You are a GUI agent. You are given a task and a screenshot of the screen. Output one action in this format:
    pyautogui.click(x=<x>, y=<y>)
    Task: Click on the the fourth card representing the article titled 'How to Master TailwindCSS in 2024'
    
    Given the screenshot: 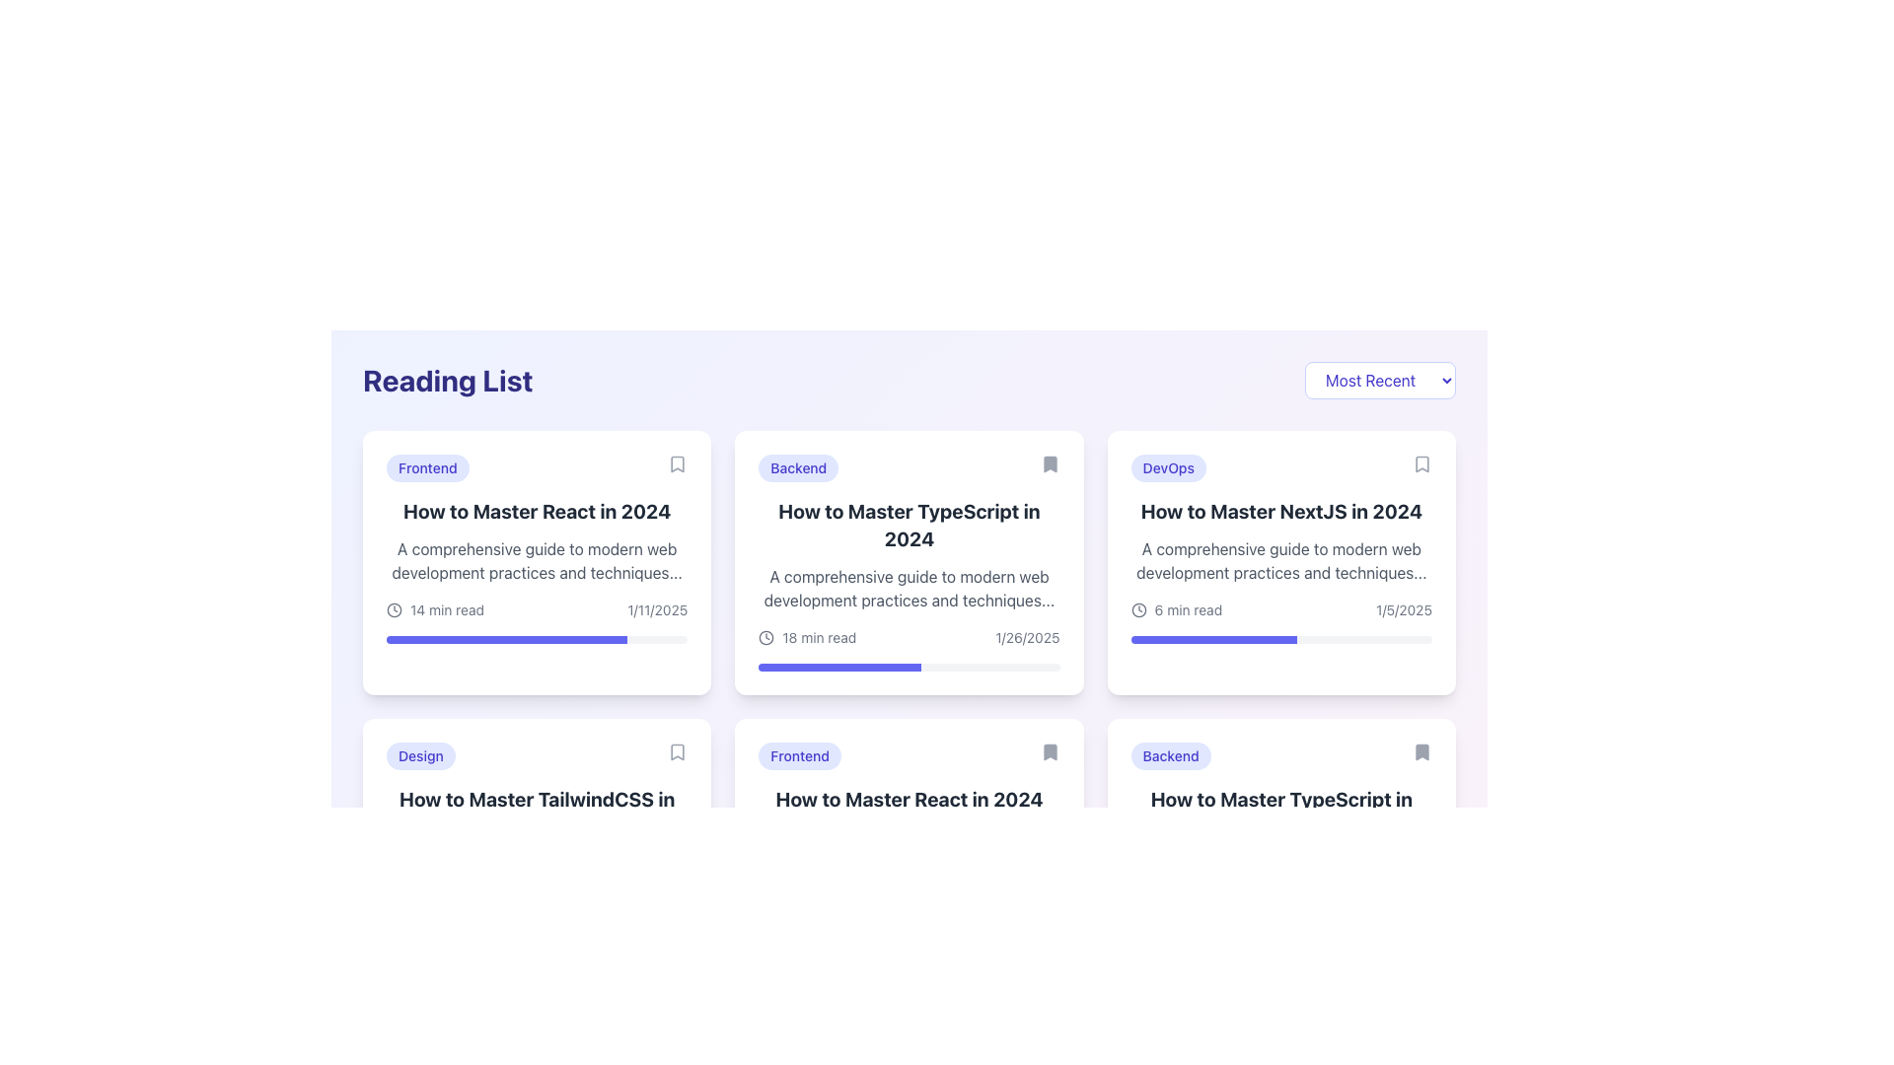 What is the action you would take?
    pyautogui.click(x=537, y=850)
    